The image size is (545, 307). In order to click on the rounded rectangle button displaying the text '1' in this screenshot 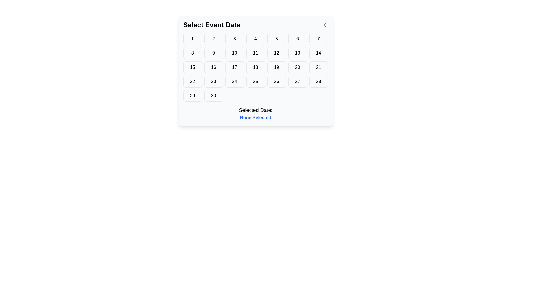, I will do `click(192, 39)`.